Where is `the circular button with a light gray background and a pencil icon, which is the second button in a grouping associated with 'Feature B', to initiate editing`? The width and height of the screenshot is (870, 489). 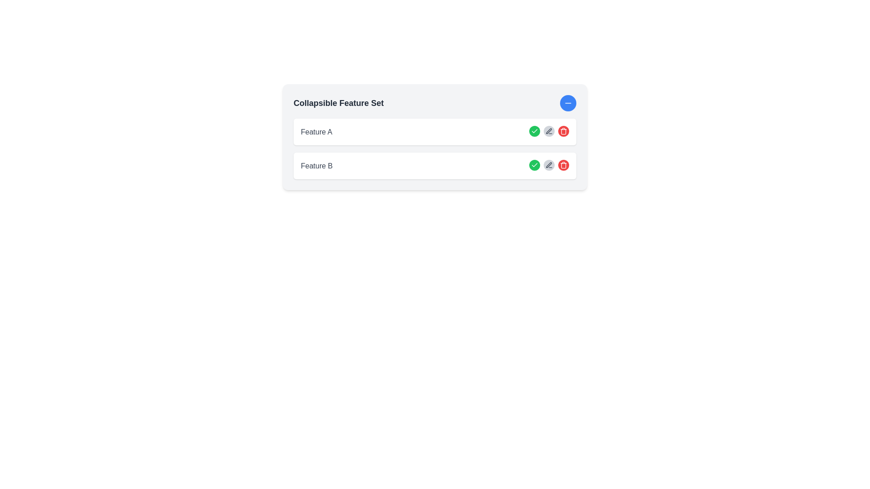
the circular button with a light gray background and a pencil icon, which is the second button in a grouping associated with 'Feature B', to initiate editing is located at coordinates (548, 165).